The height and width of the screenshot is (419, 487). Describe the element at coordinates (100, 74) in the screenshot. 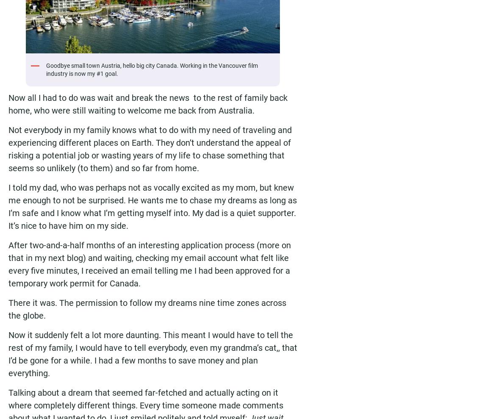

I see `'Privacy Policy'` at that location.